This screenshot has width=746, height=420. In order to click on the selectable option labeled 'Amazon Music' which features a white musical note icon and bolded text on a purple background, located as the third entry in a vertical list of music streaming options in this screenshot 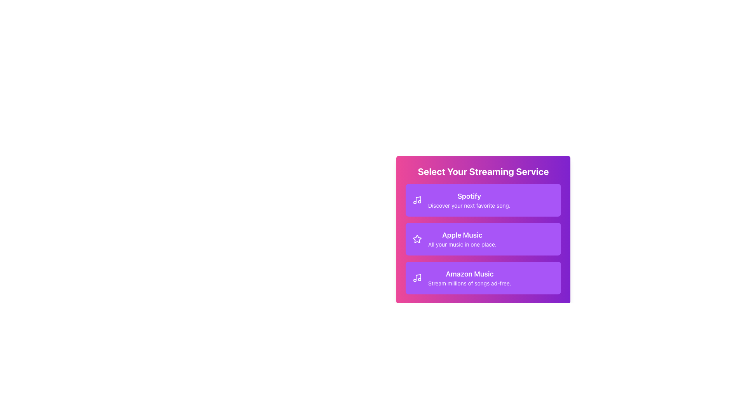, I will do `click(462, 277)`.